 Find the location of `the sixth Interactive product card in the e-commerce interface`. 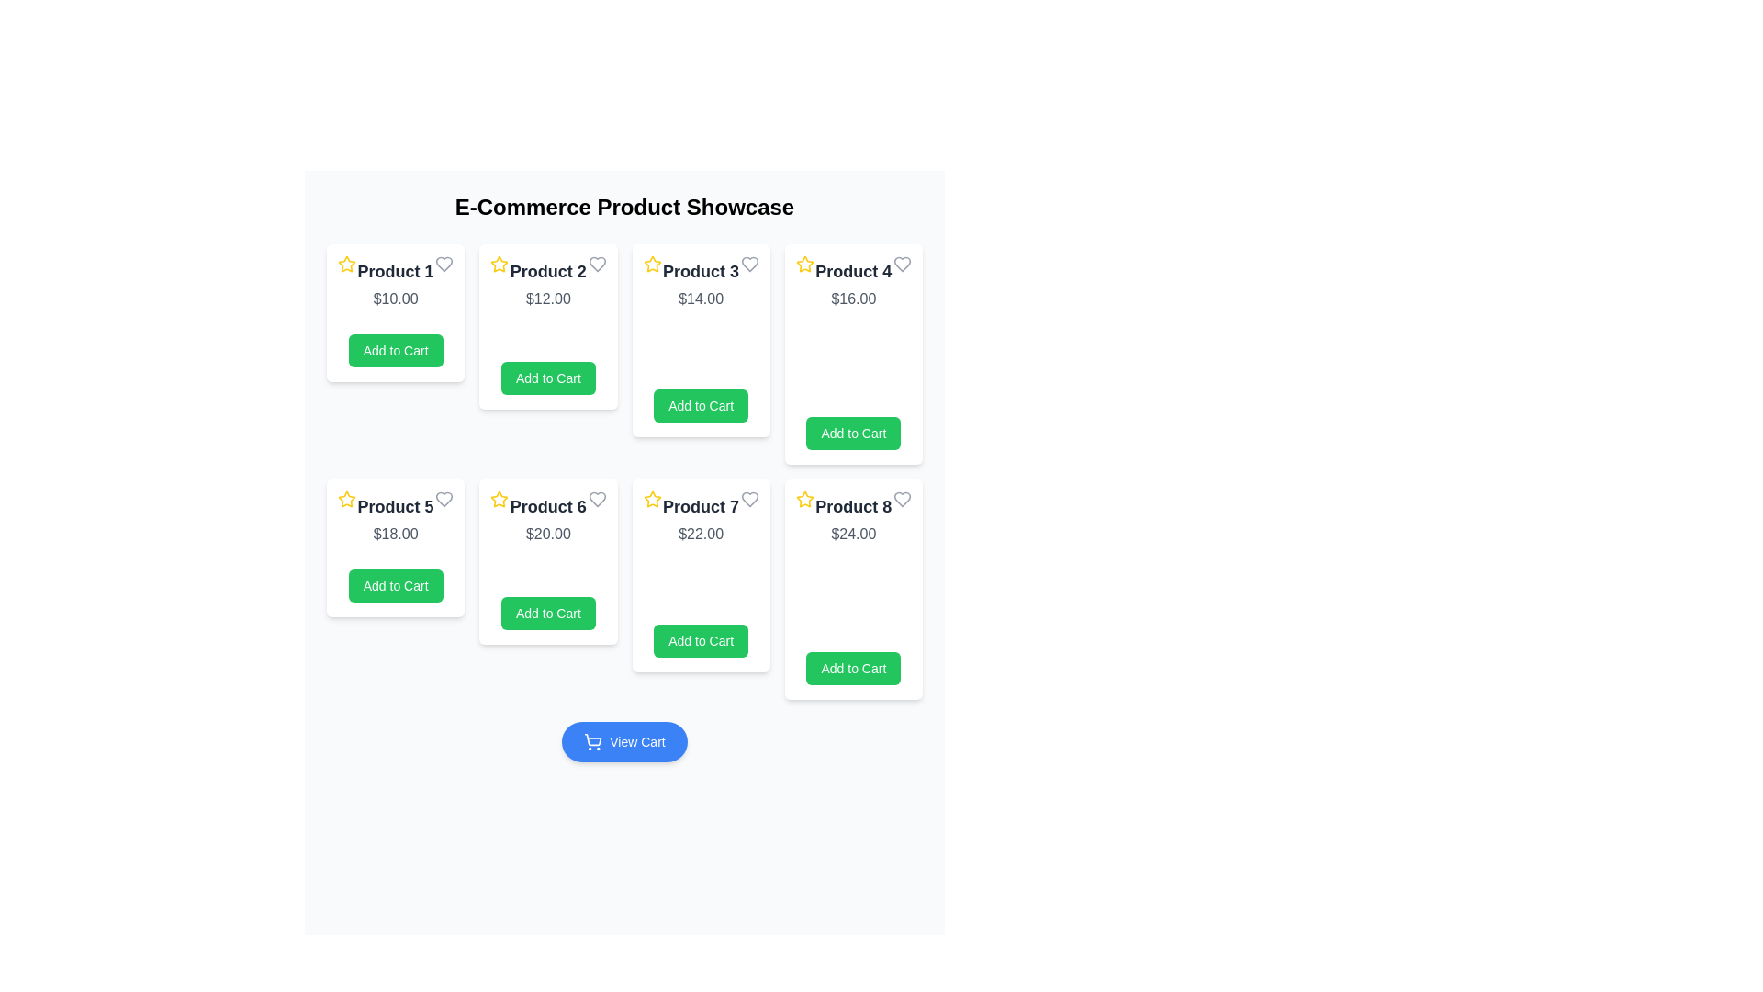

the sixth Interactive product card in the e-commerce interface is located at coordinates (547, 561).